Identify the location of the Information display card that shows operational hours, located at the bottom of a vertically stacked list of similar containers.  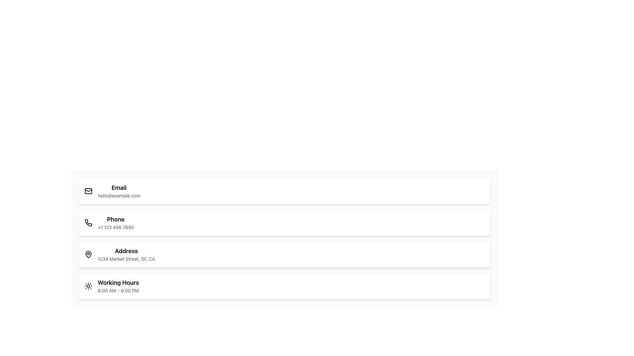
(285, 285).